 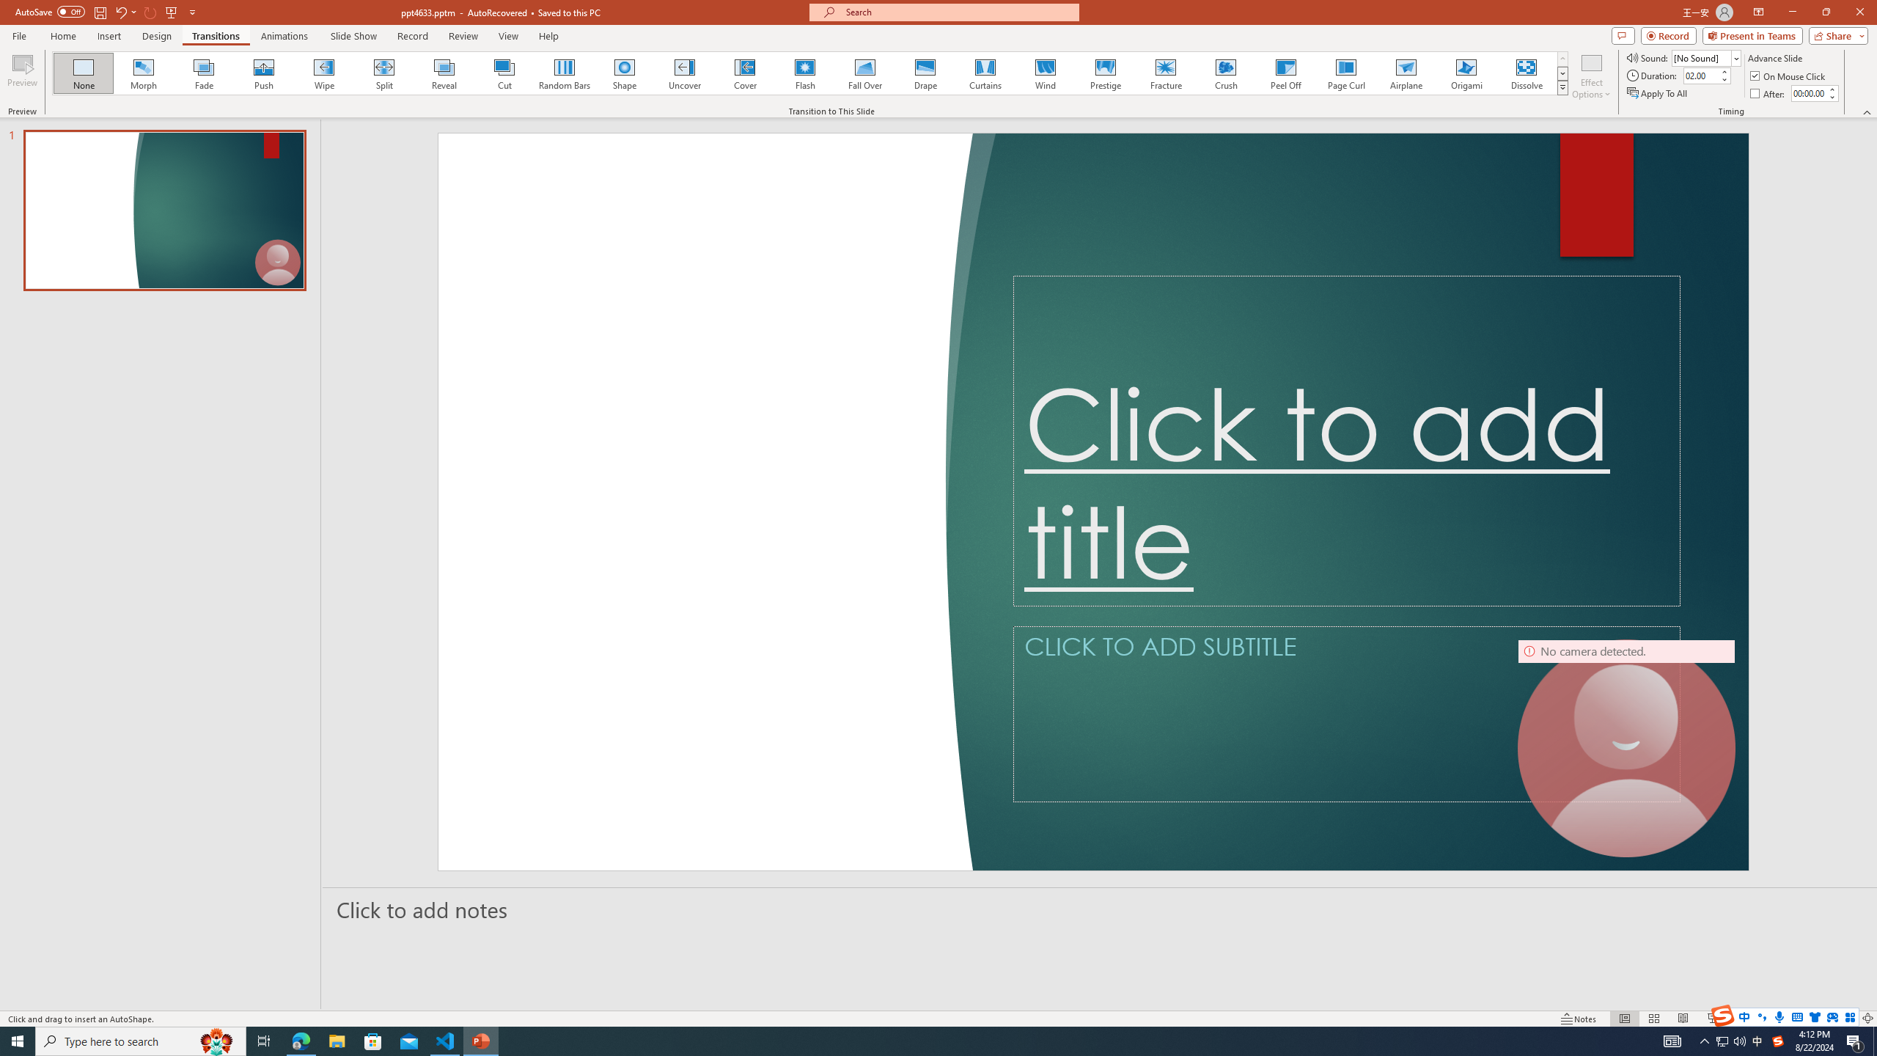 I want to click on 'Apply To All', so click(x=1659, y=93).